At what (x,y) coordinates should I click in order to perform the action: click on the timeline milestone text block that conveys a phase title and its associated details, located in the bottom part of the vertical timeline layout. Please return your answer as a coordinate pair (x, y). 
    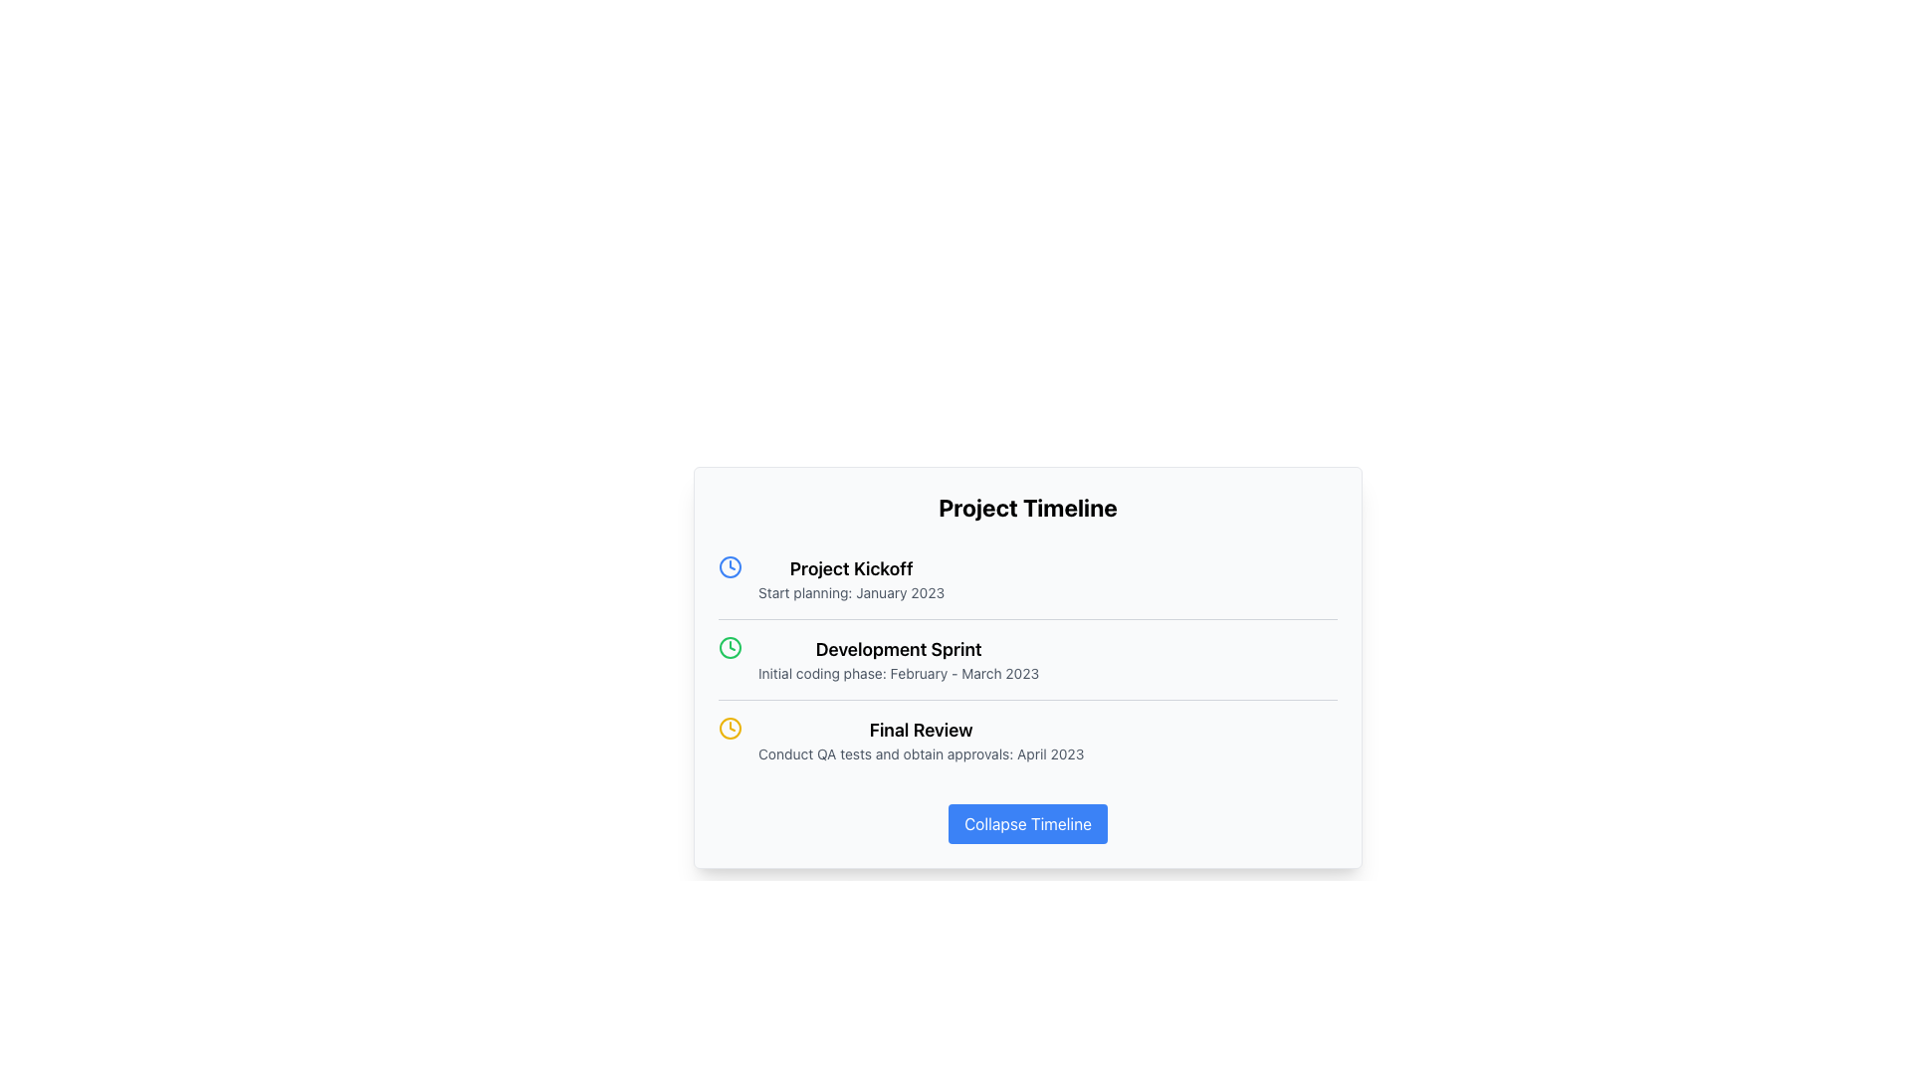
    Looking at the image, I should click on (920, 741).